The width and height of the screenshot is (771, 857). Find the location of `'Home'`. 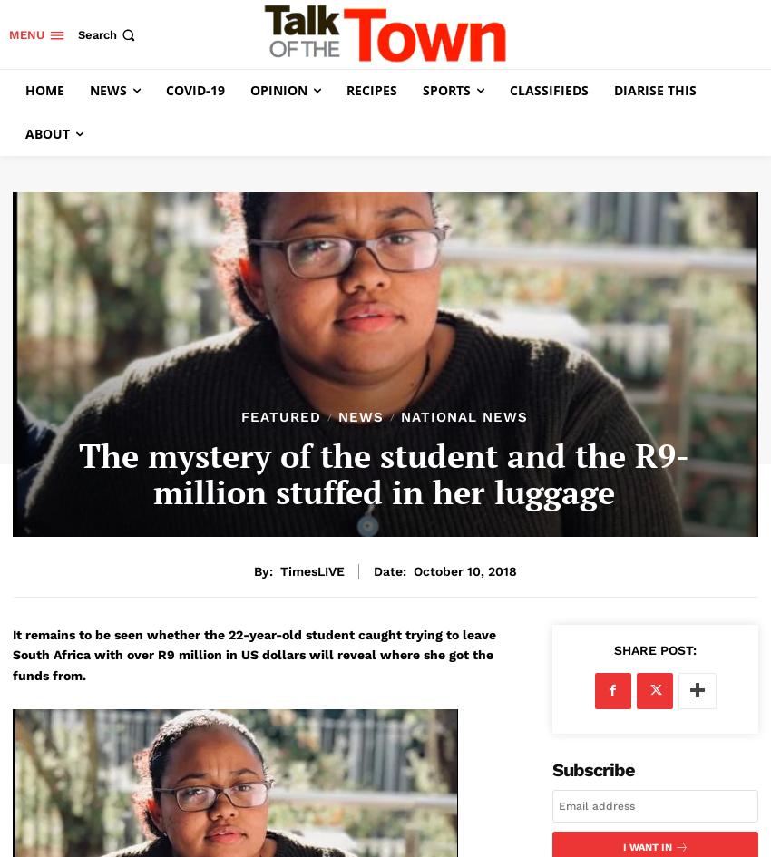

'Home' is located at coordinates (24, 89).